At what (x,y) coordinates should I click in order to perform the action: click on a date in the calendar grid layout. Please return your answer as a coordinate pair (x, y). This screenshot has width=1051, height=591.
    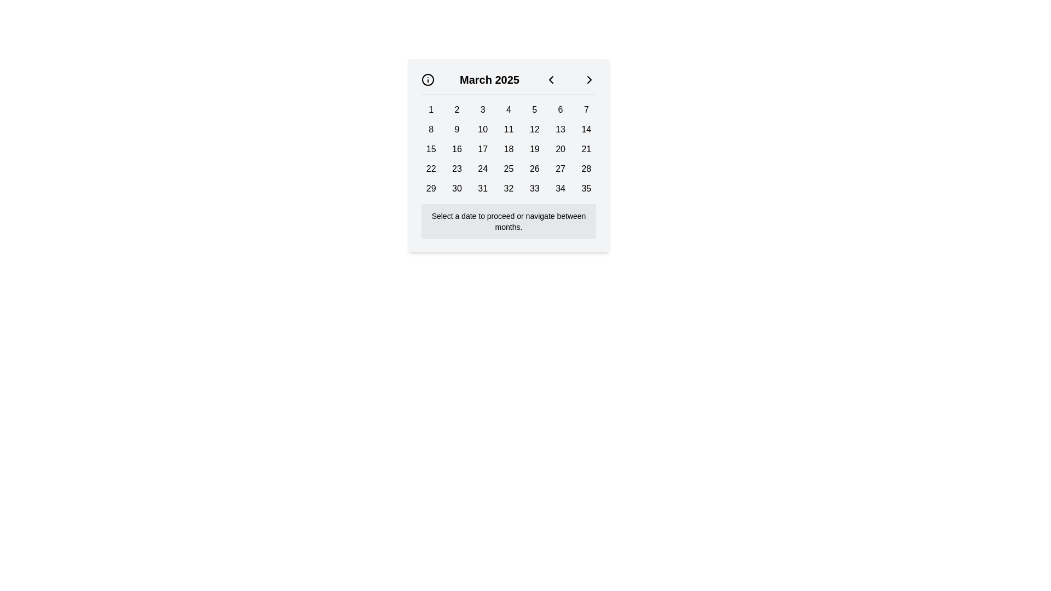
    Looking at the image, I should click on (508, 149).